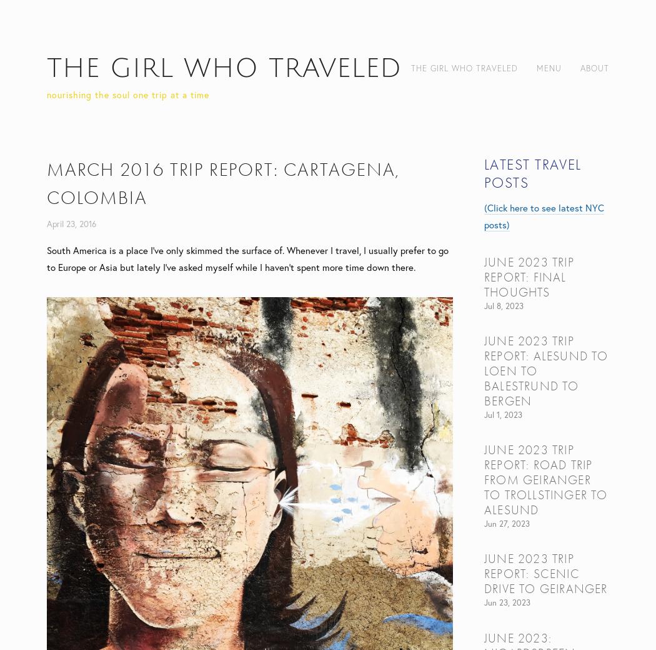 The width and height of the screenshot is (656, 650). Describe the element at coordinates (545, 574) in the screenshot. I see `'June 2023 trip report: scenic drive to geiranger'` at that location.